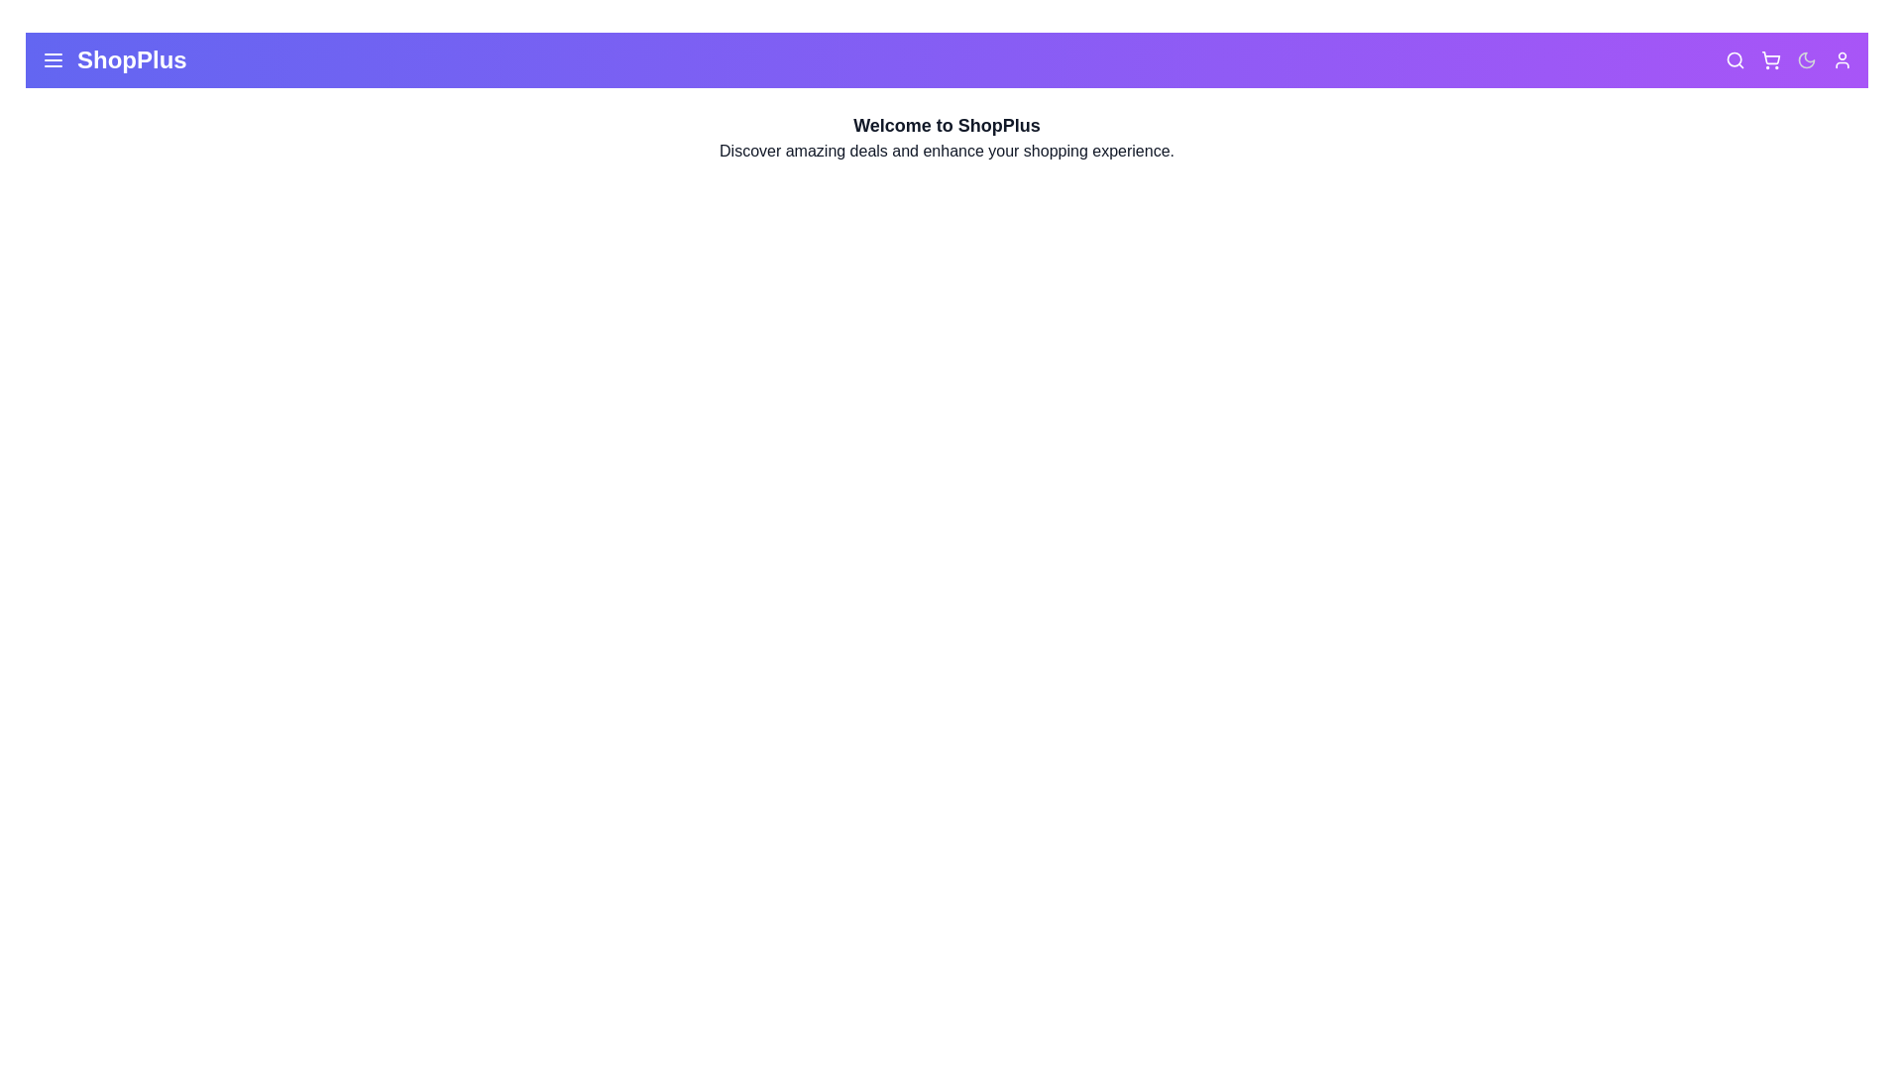  Describe the element at coordinates (1841, 59) in the screenshot. I see `the user account icon in the top-right corner of the app bar` at that location.